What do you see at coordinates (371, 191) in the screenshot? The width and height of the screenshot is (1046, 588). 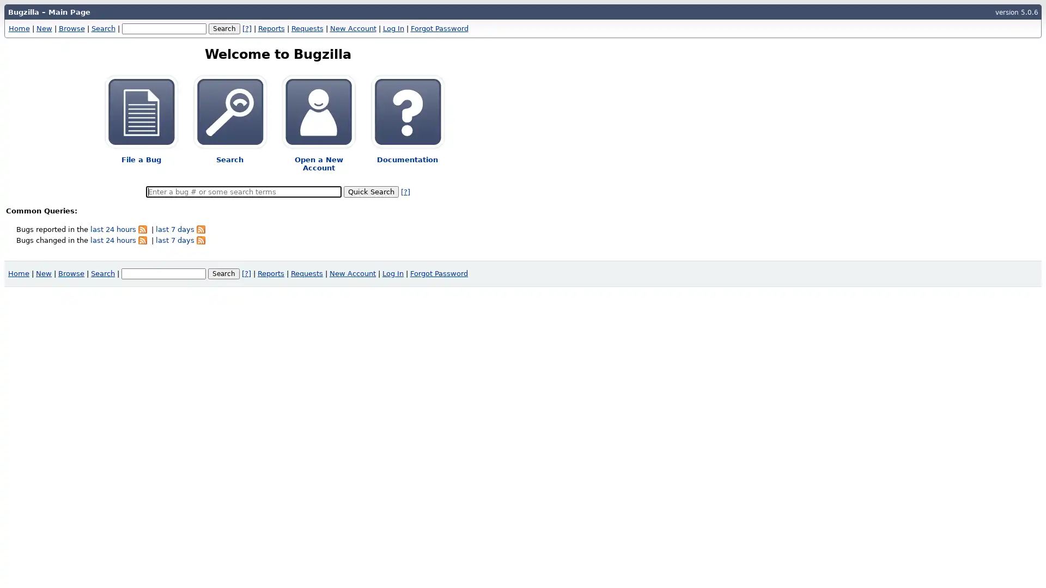 I see `Quick Search` at bounding box center [371, 191].